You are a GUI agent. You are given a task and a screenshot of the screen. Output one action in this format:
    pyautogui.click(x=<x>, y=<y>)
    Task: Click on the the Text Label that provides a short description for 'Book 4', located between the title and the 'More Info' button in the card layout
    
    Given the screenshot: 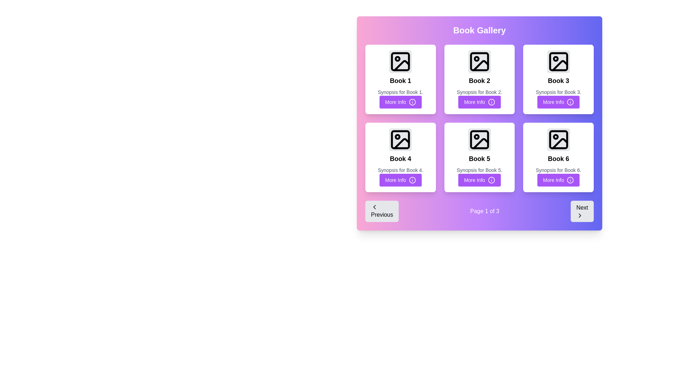 What is the action you would take?
    pyautogui.click(x=400, y=170)
    